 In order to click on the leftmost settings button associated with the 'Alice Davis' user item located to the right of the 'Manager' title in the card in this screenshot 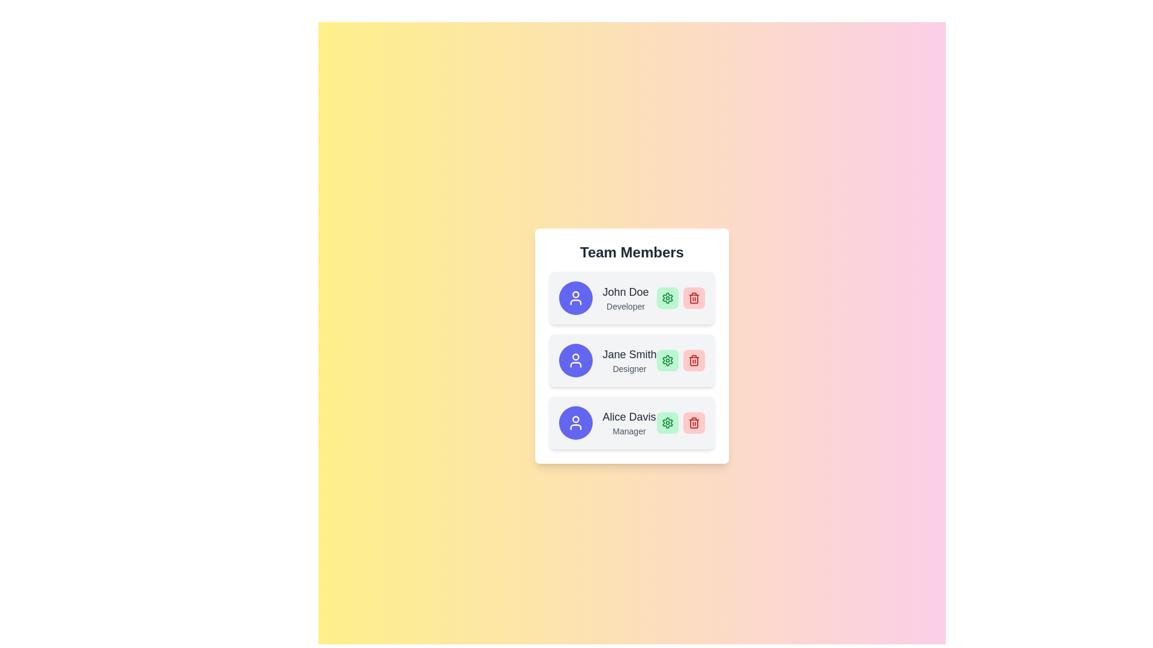, I will do `click(666, 422)`.